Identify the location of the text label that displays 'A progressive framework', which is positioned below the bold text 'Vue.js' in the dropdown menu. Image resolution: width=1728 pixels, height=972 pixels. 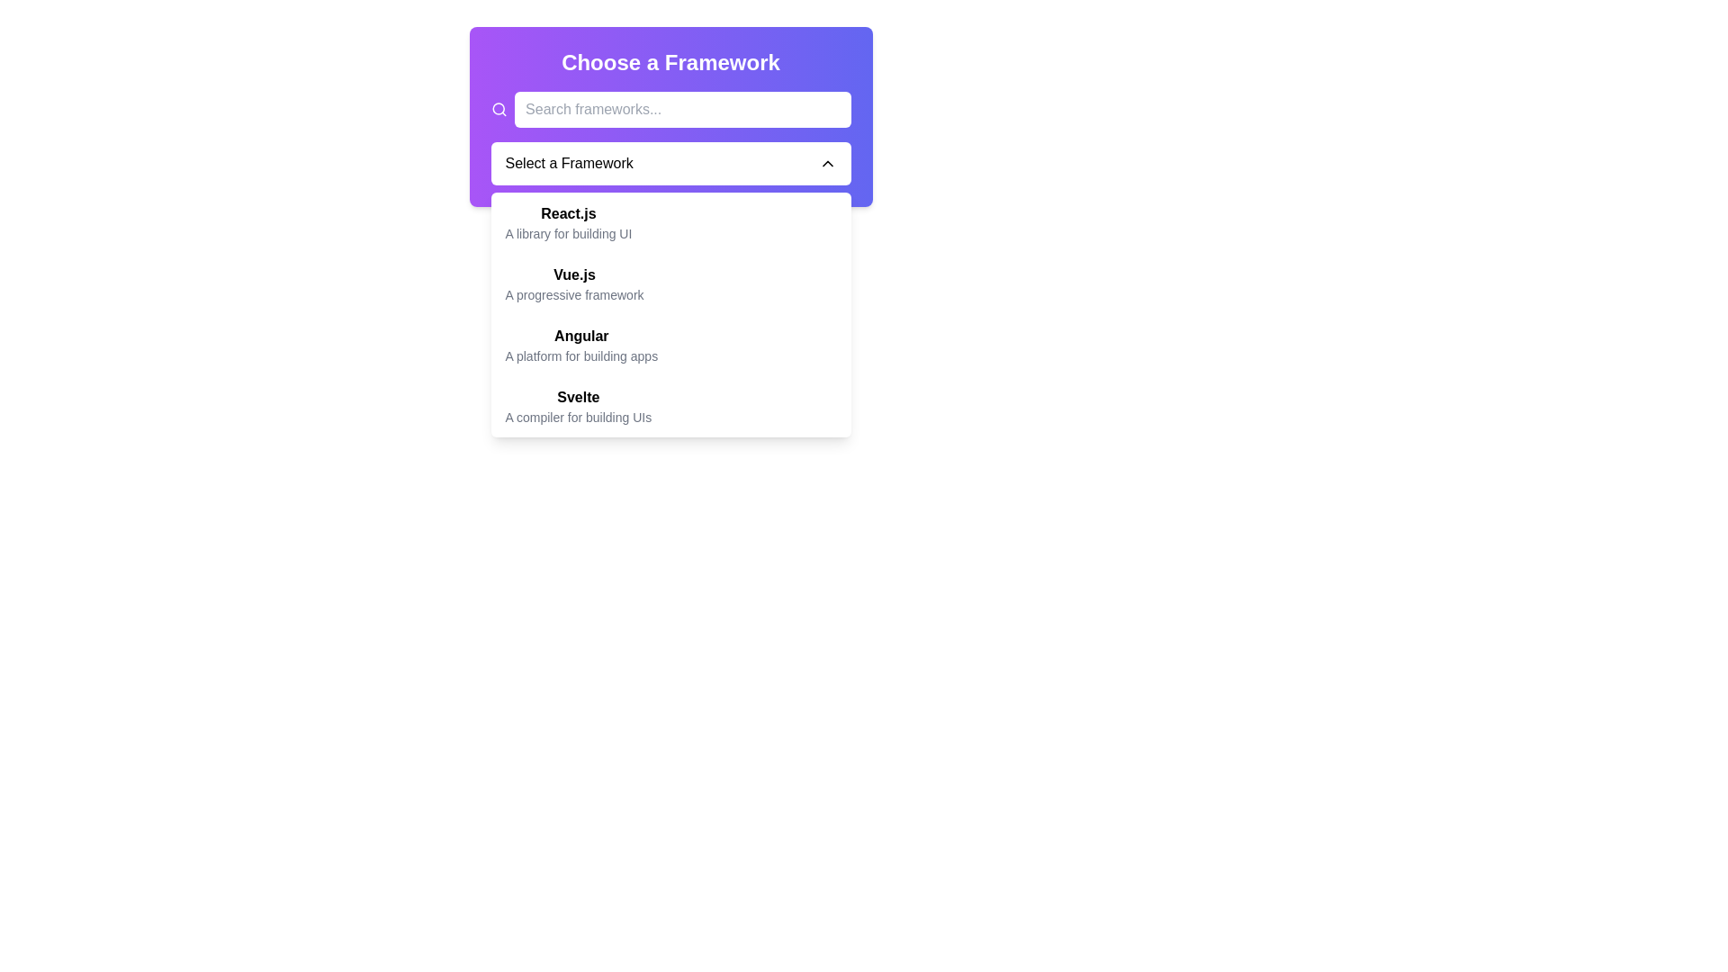
(573, 293).